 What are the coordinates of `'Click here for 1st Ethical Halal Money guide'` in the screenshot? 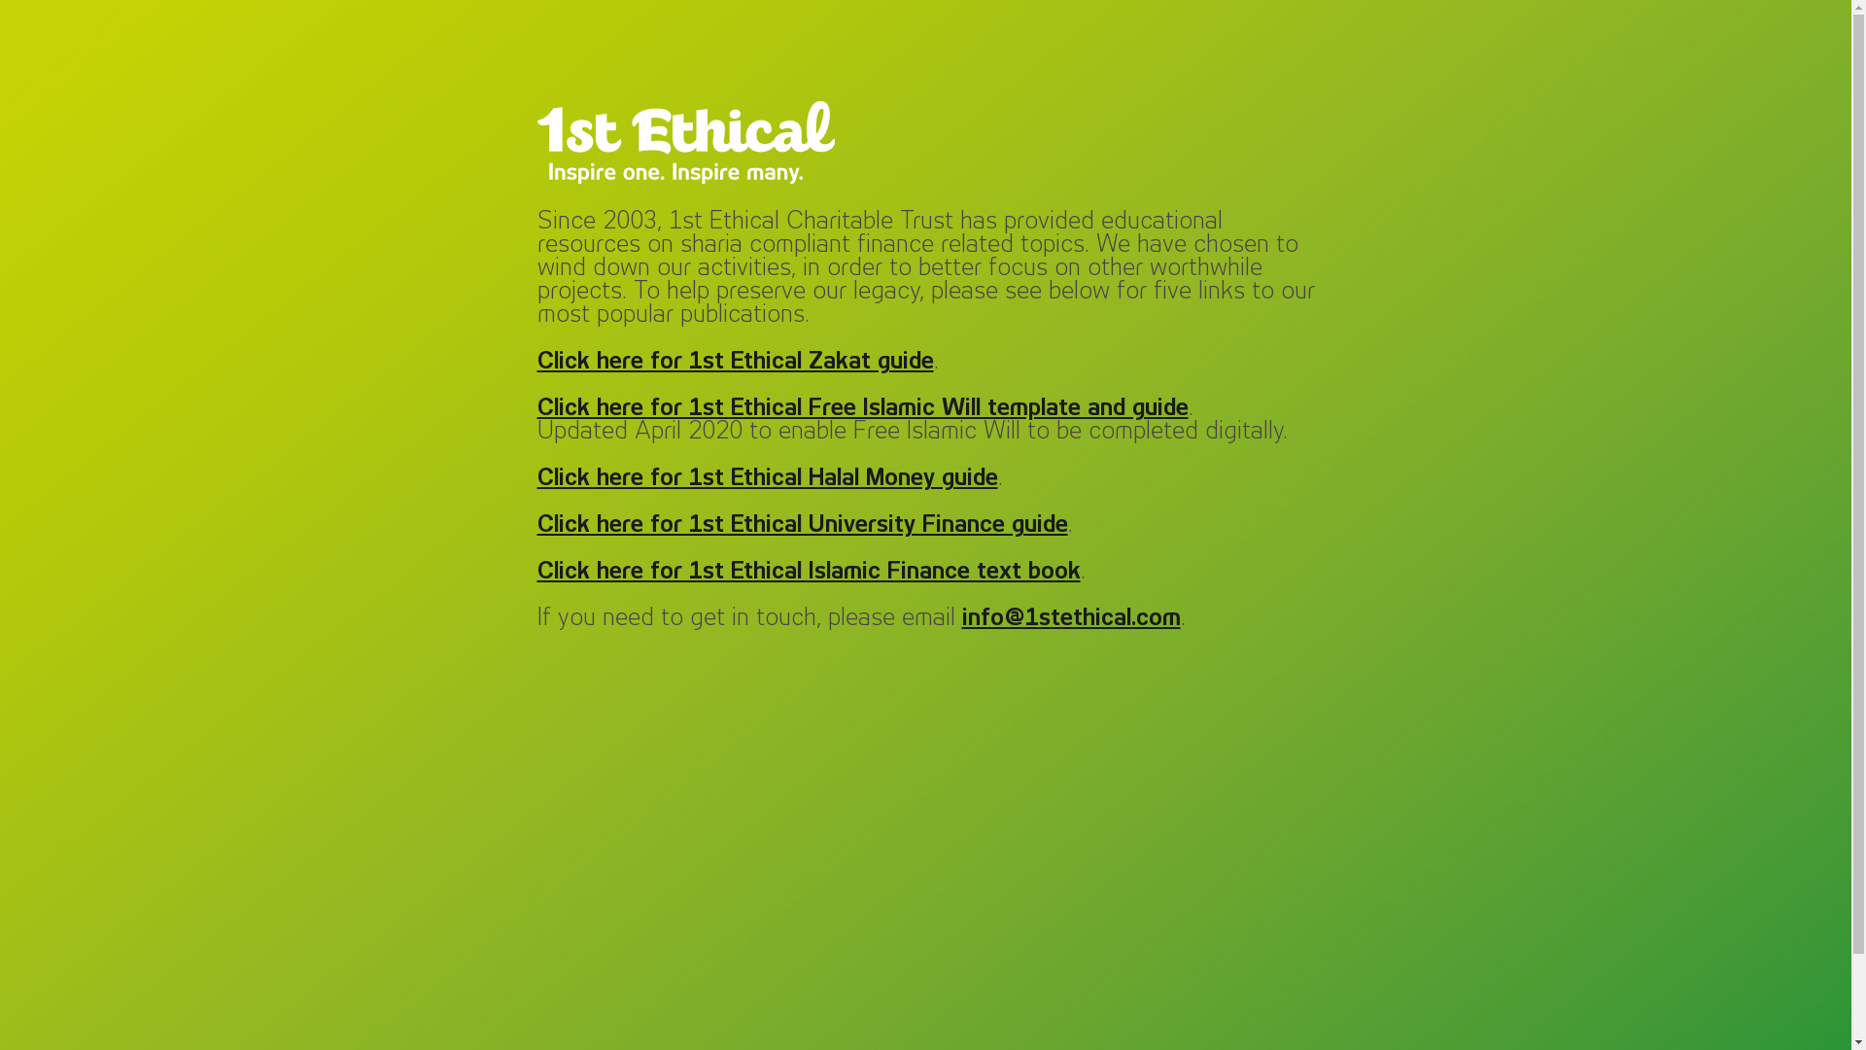 It's located at (765, 478).